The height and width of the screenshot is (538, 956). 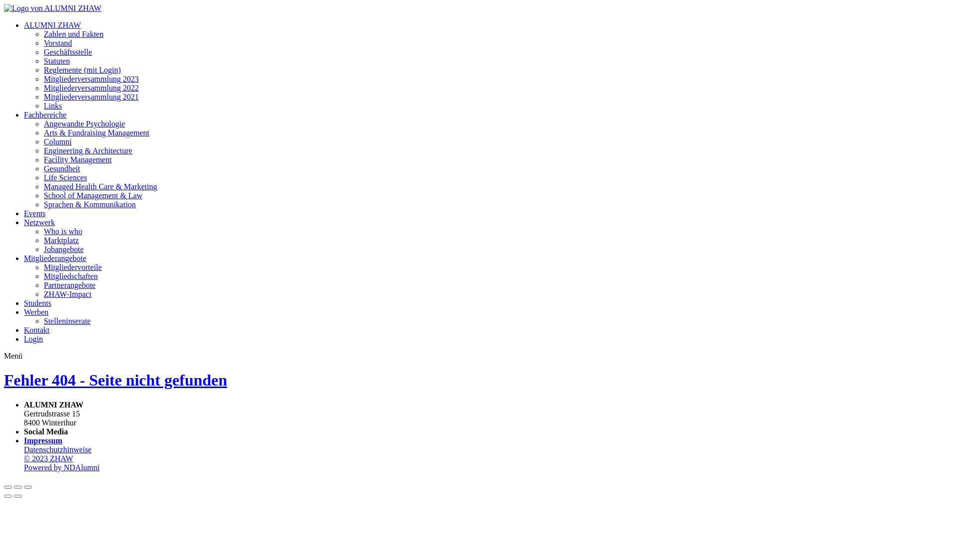 I want to click on 'Kontakt', so click(x=24, y=330).